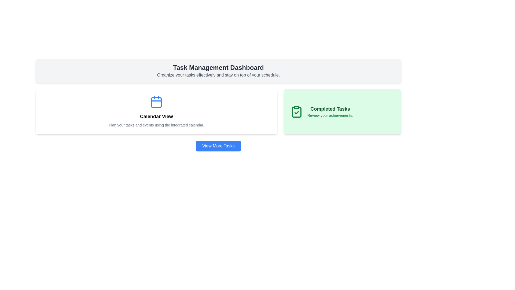 This screenshot has height=290, width=515. Describe the element at coordinates (156, 102) in the screenshot. I see `the calendar icon with a blue outline located at the center-top of the card that contains the heading 'Calendar View'` at that location.